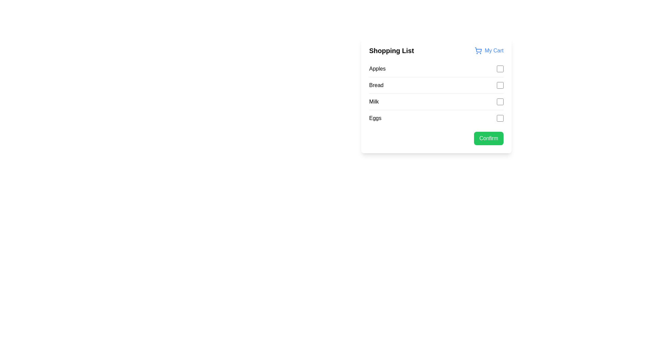  Describe the element at coordinates (436, 95) in the screenshot. I see `the checkboxes contained within the shopping list card, which is styled with a white background and rounded corners, located towards the right of the interface` at that location.